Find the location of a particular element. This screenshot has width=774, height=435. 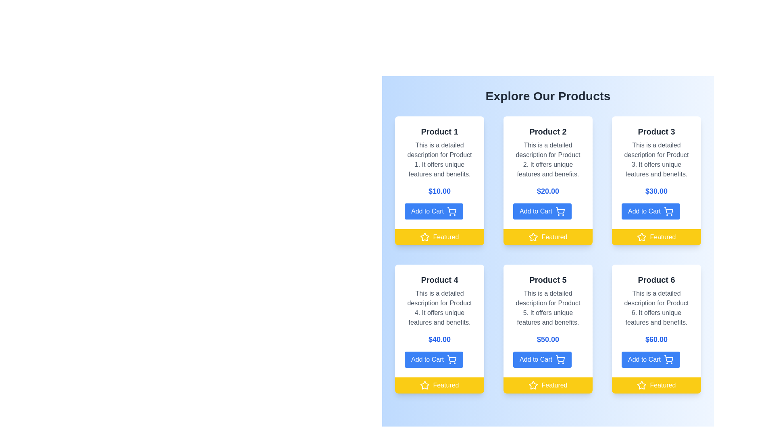

the shopping cart icon within the 'Add to Cart' button for 'Product 2' in the second column of the top row is located at coordinates (560, 211).